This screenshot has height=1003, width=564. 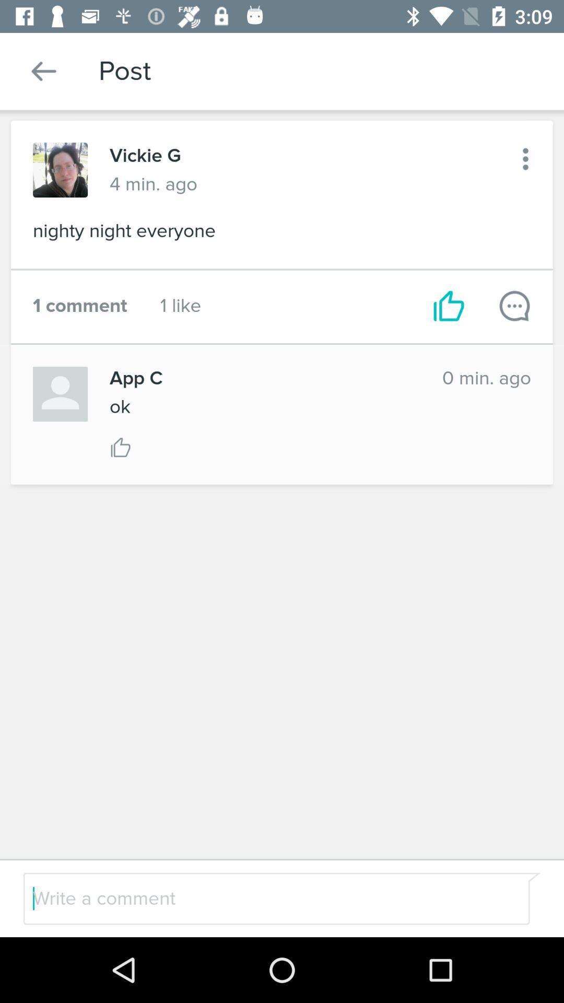 I want to click on ok item, so click(x=119, y=406).